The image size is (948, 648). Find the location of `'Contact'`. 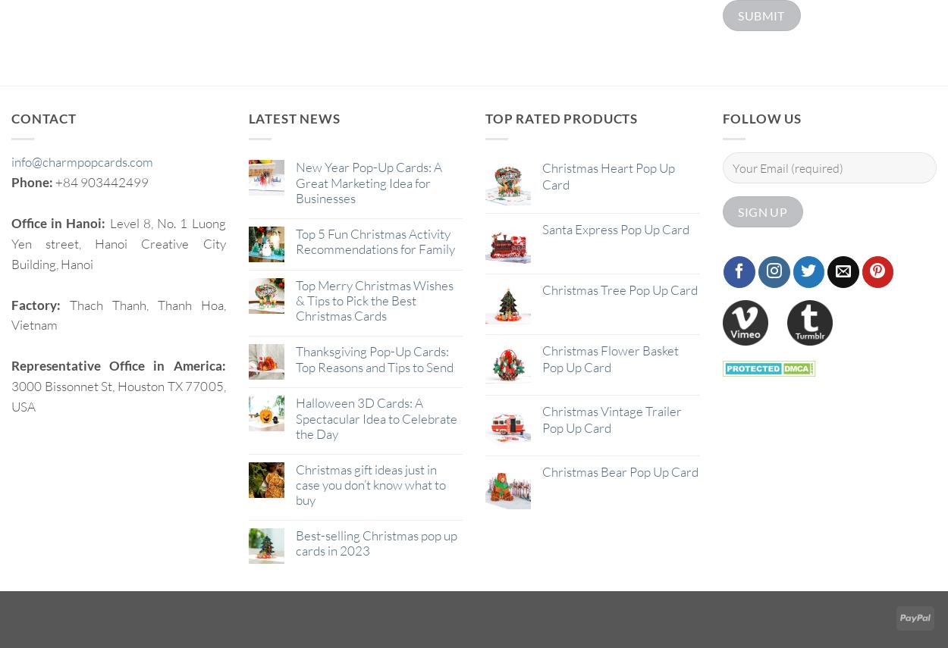

'Contact' is located at coordinates (43, 117).